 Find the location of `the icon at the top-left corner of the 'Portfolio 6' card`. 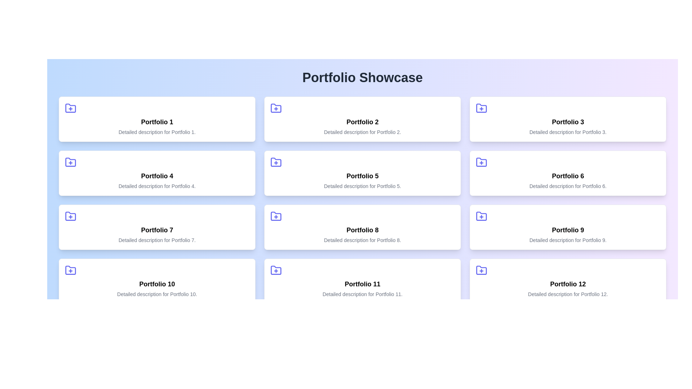

the icon at the top-left corner of the 'Portfolio 6' card is located at coordinates (481, 162).